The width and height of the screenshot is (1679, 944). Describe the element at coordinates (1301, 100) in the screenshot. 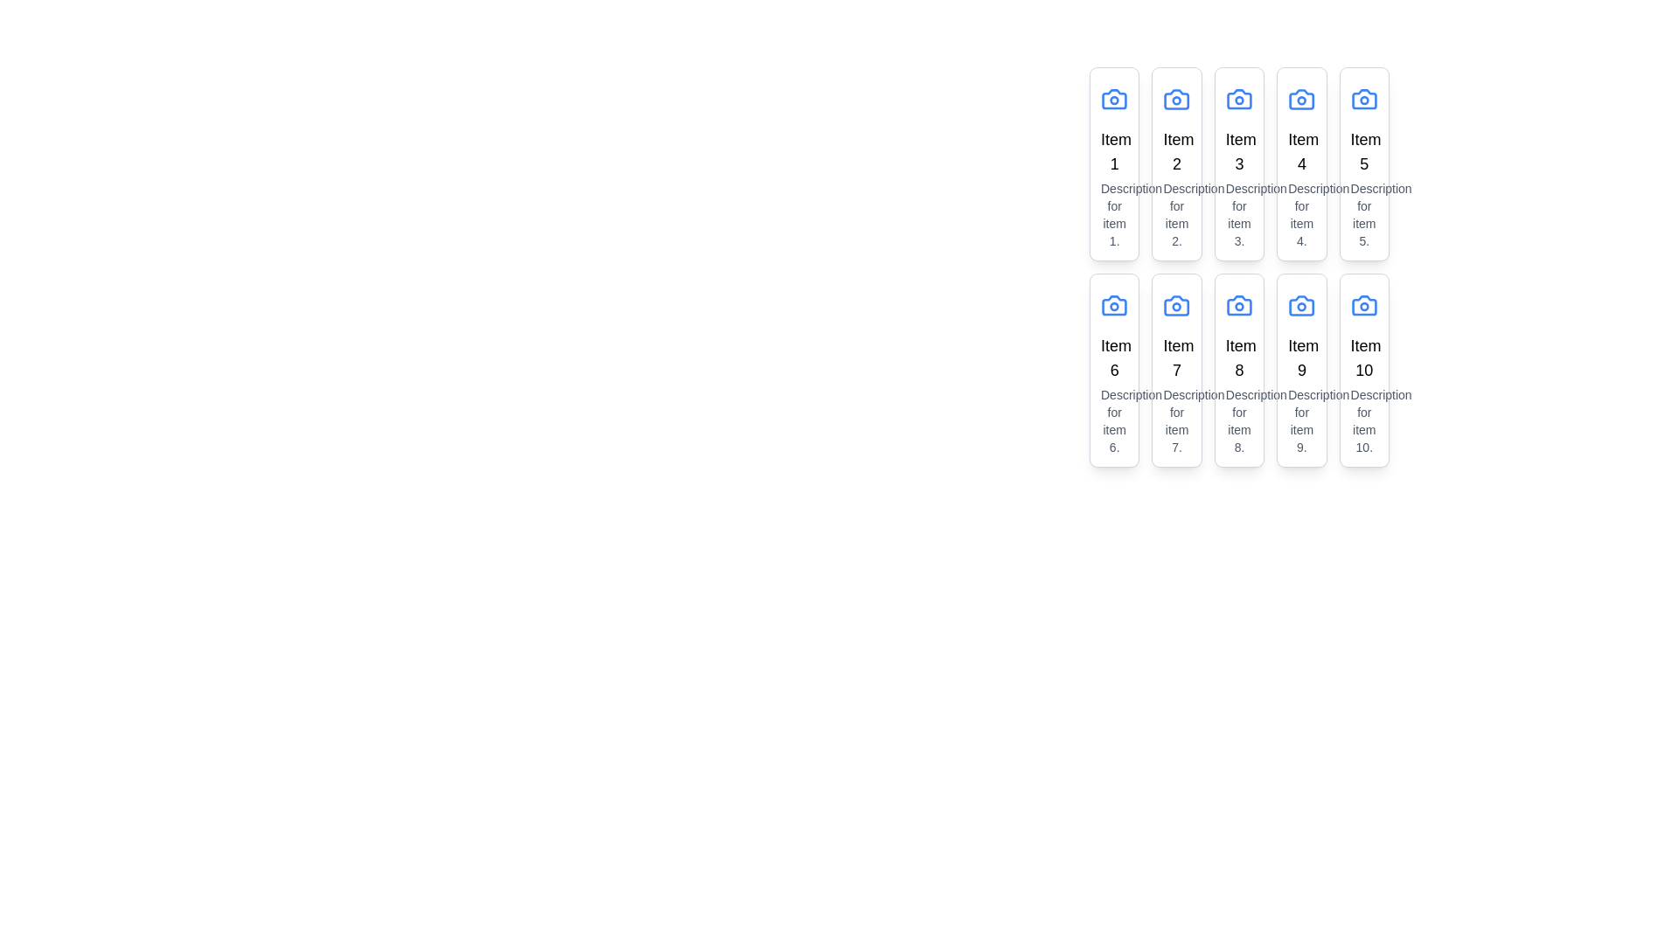

I see `the camera icon located in the center of the card labeled 'Item 4' in the first row and fourth column of the grid layout` at that location.